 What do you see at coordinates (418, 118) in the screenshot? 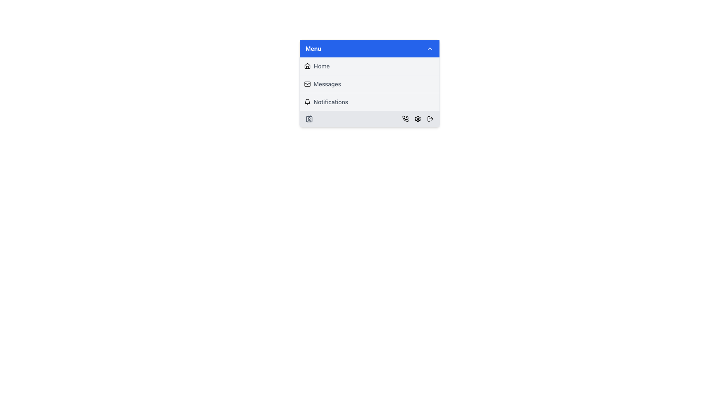
I see `the gear-shaped icon button, which represents settings, located` at bounding box center [418, 118].